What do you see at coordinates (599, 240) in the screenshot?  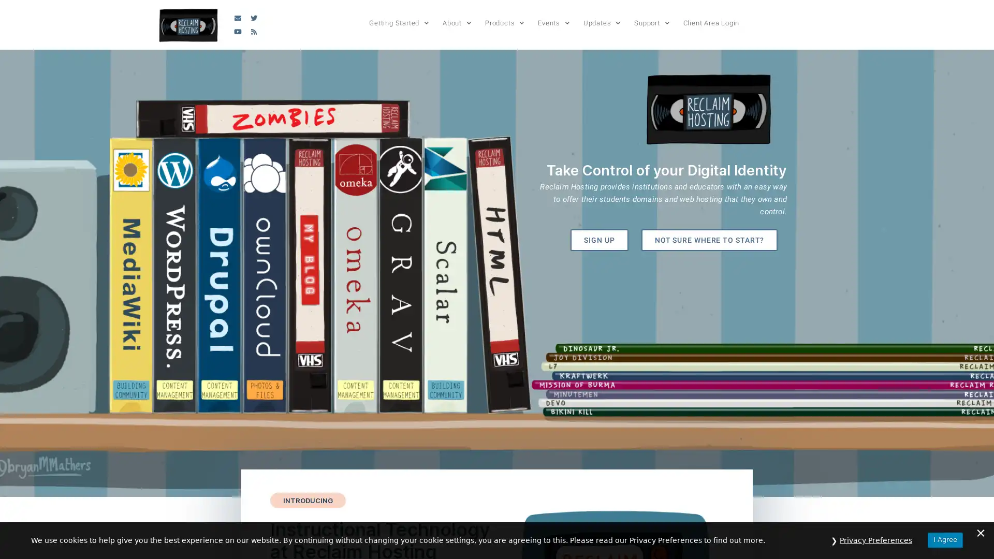 I see `SIGN UP` at bounding box center [599, 240].